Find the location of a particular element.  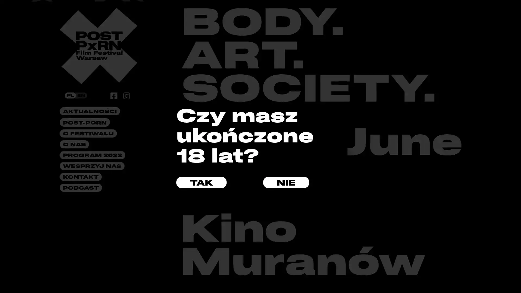

TAK is located at coordinates (201, 182).